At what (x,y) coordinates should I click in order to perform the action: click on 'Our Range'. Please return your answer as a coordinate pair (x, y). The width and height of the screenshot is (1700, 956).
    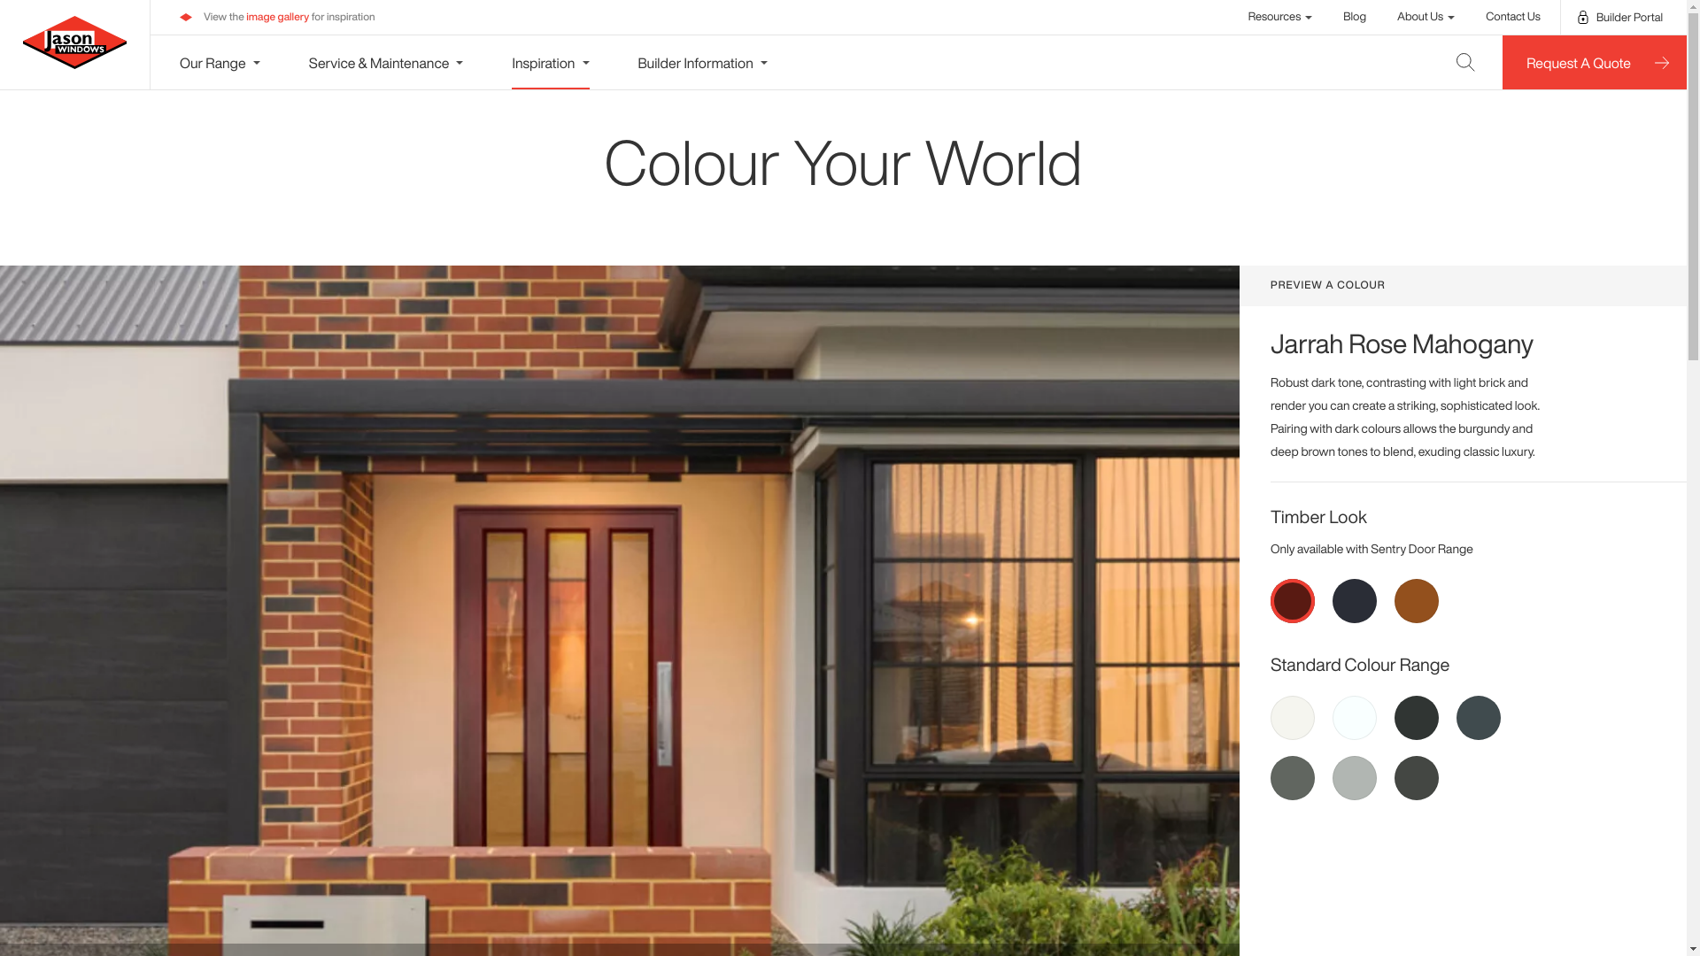
    Looking at the image, I should click on (219, 61).